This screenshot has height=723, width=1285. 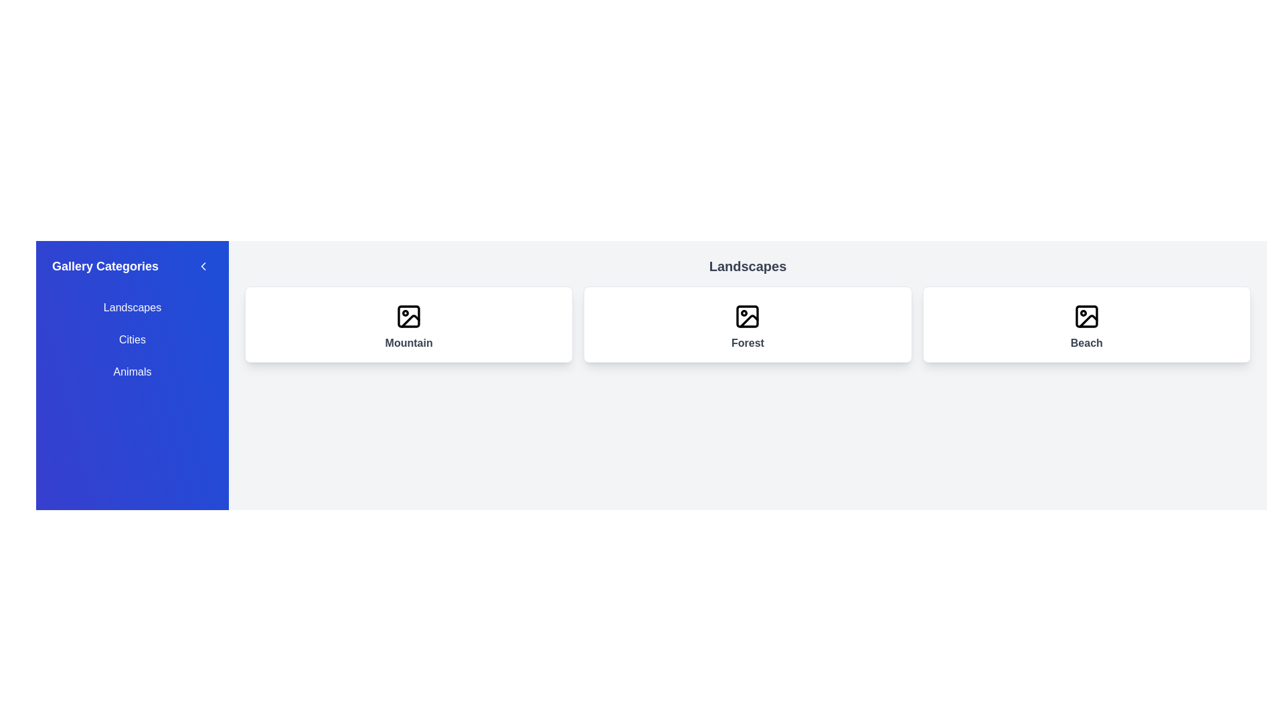 What do you see at coordinates (132, 372) in the screenshot?
I see `the 'Animals' category selector button in the sidebar to filter or display related content` at bounding box center [132, 372].